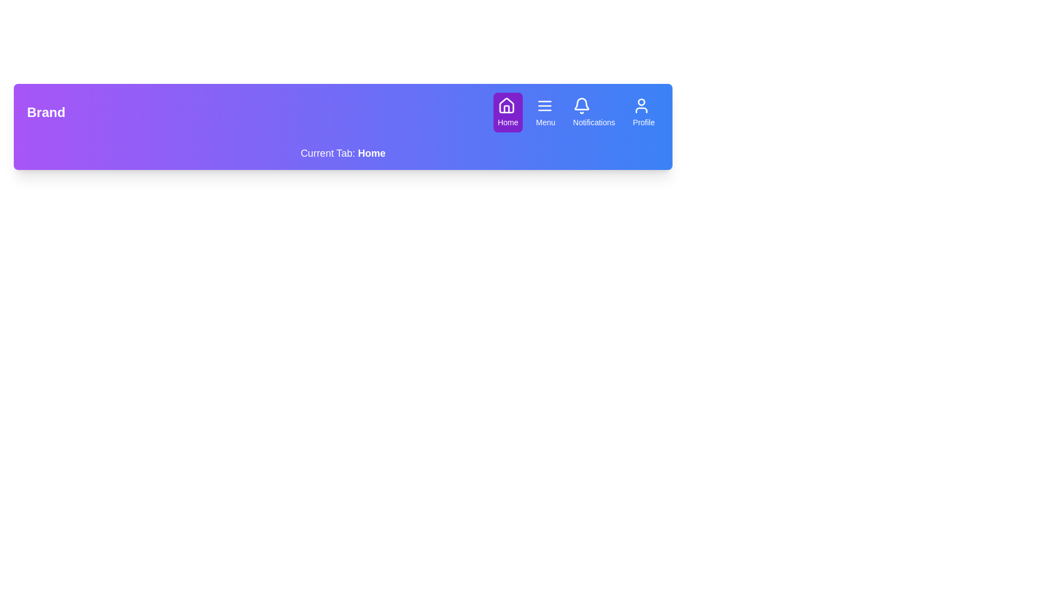 This screenshot has height=596, width=1061. What do you see at coordinates (545, 113) in the screenshot?
I see `the 'Menu' button, which is a button-like icon with three horizontal bars and labeled 'Menu', located` at bounding box center [545, 113].